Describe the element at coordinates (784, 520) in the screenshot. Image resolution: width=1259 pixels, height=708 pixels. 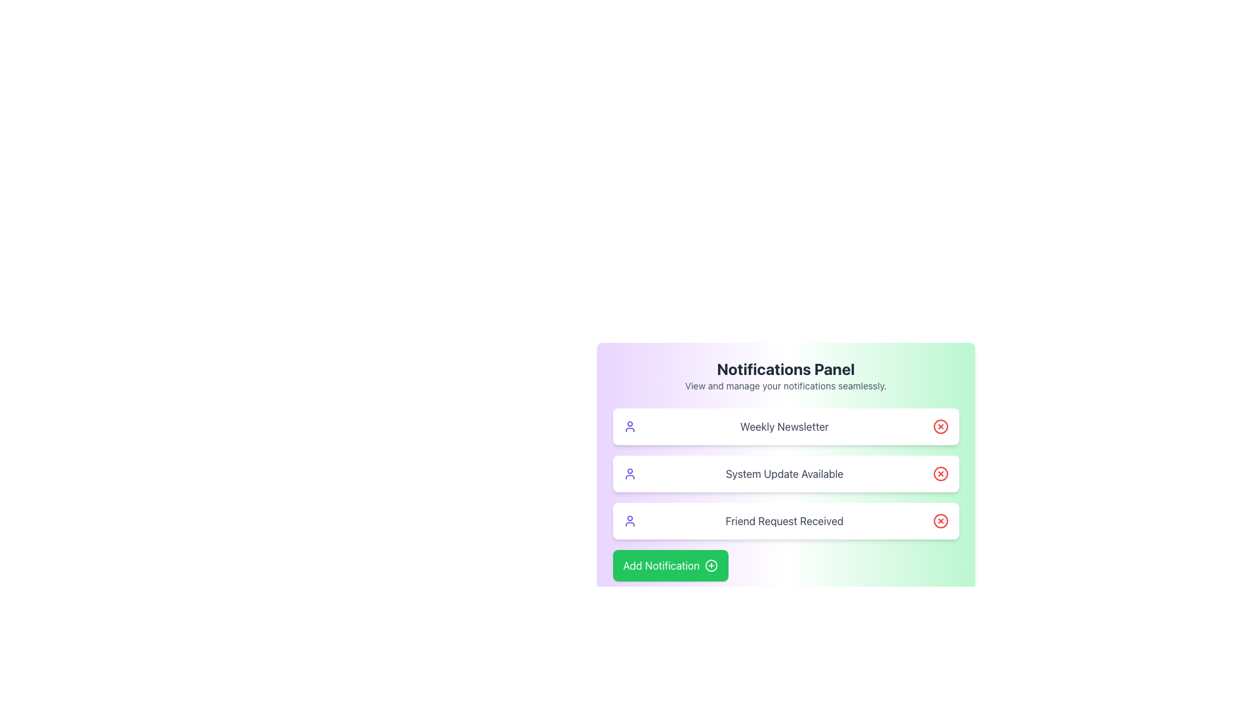
I see `the text label that provides a concise description of the notification in the third notification item of the notification panel, situated below 'System Update Available' and above the 'Add Notification' button` at that location.